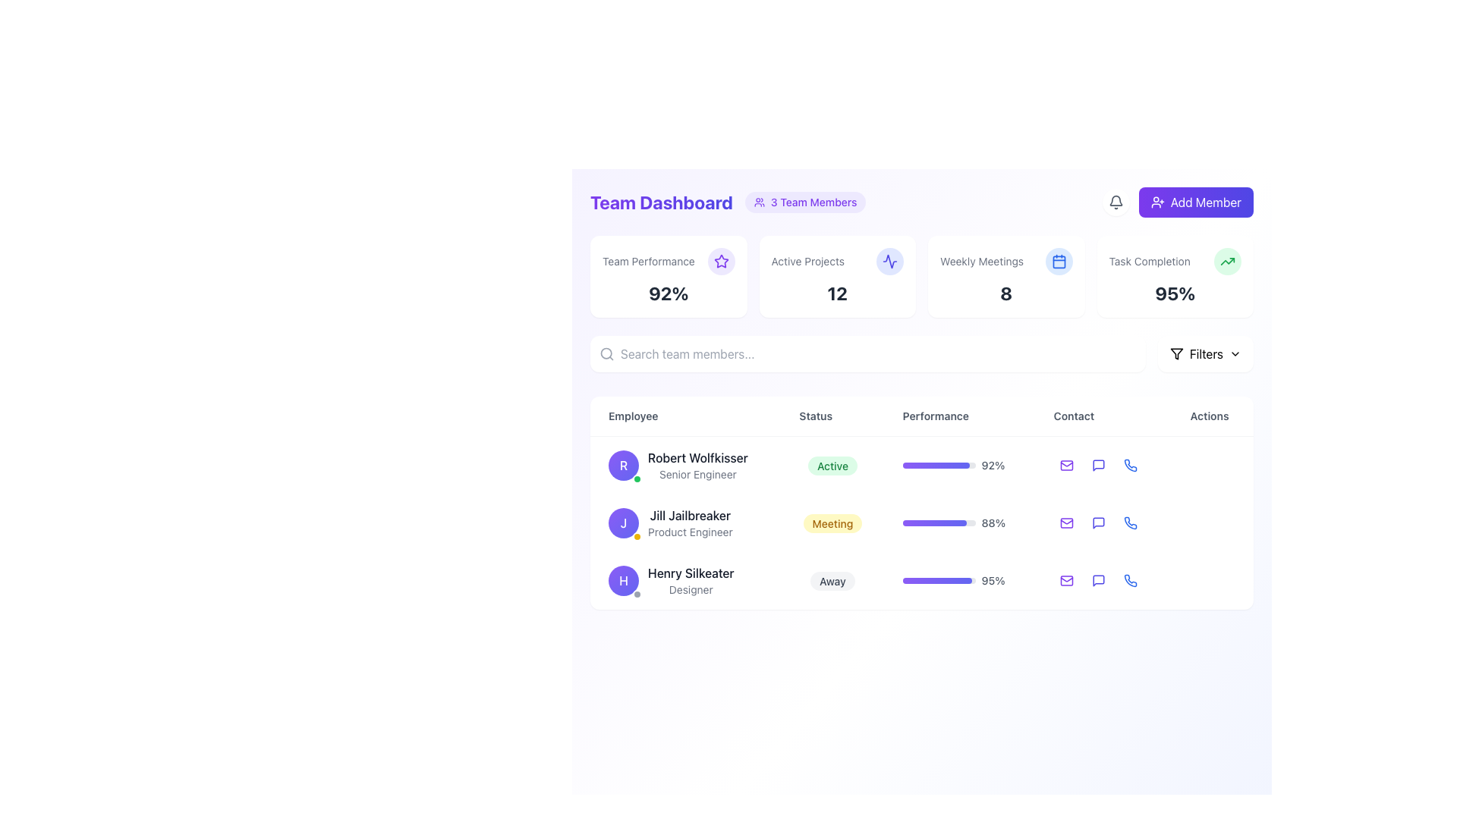 The height and width of the screenshot is (819, 1457). I want to click on the violet-colored mail icon button, which is an outlined envelope, in the Actions column for the individual Henry Silkeater to initiate an email, so click(1065, 580).